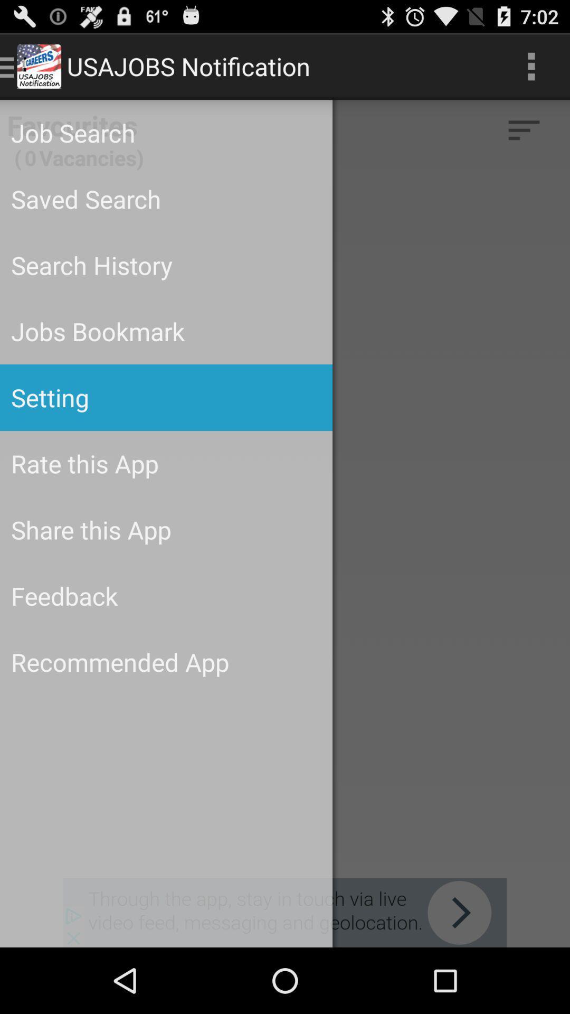 The image size is (570, 1014). I want to click on the filter_list icon, so click(524, 133).